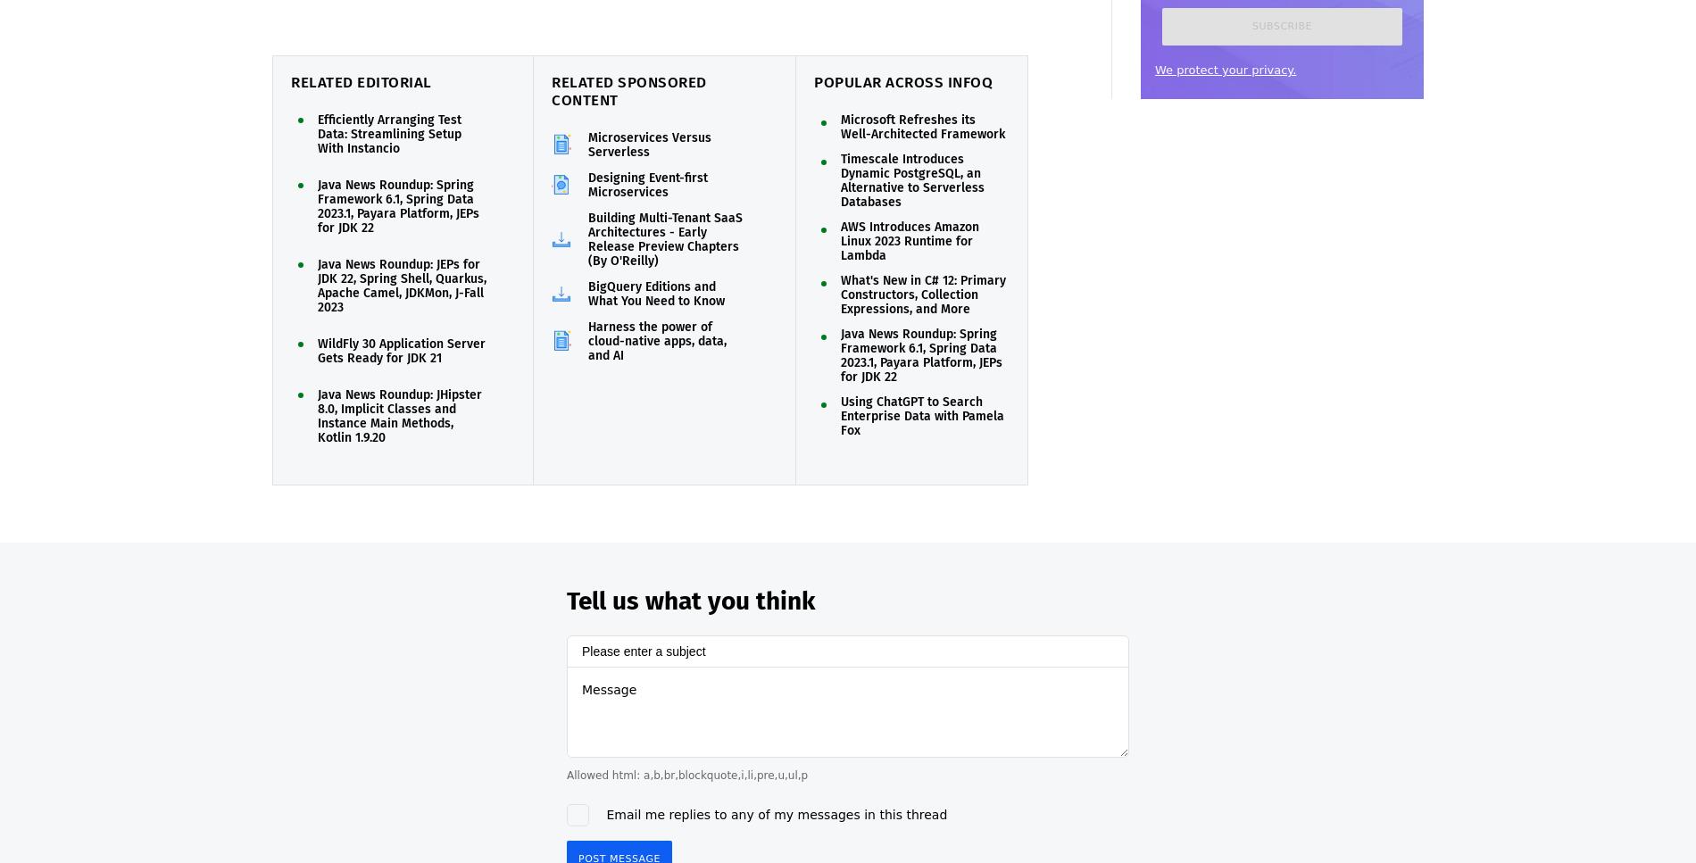 This screenshot has width=1696, height=863. I want to click on 'BigQuery Editions and What You Need to Know', so click(587, 294).